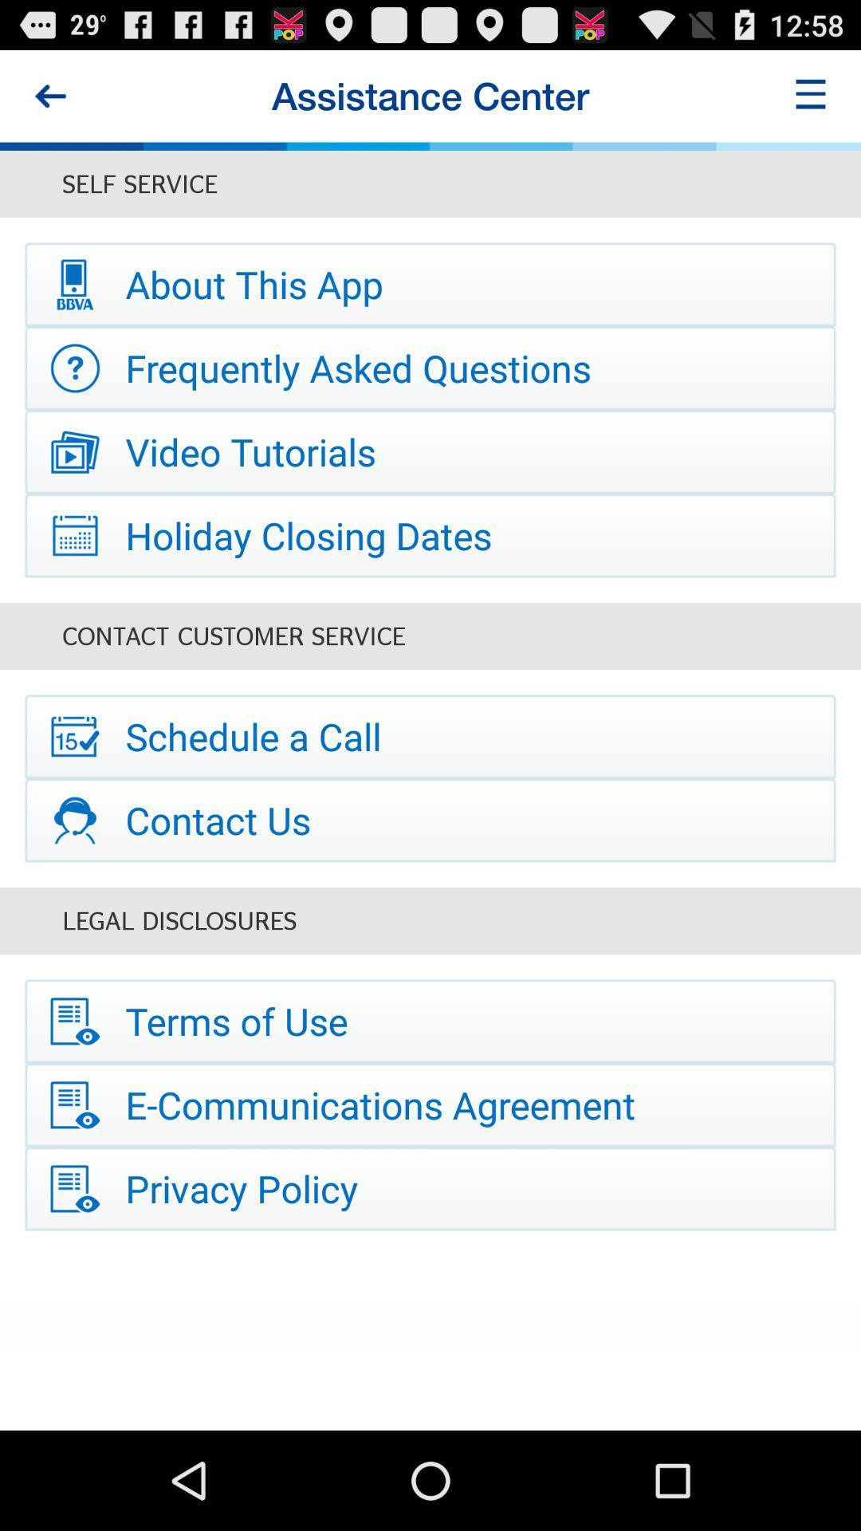  What do you see at coordinates (811, 95) in the screenshot?
I see `this button is used to find a some other hidden options` at bounding box center [811, 95].